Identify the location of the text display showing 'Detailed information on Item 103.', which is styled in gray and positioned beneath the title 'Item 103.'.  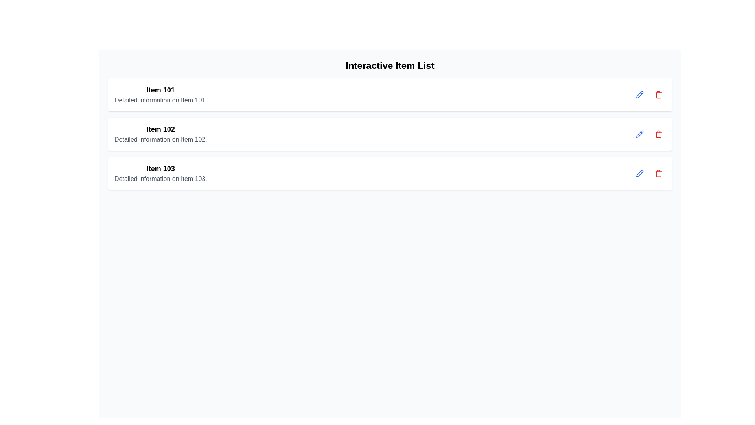
(160, 179).